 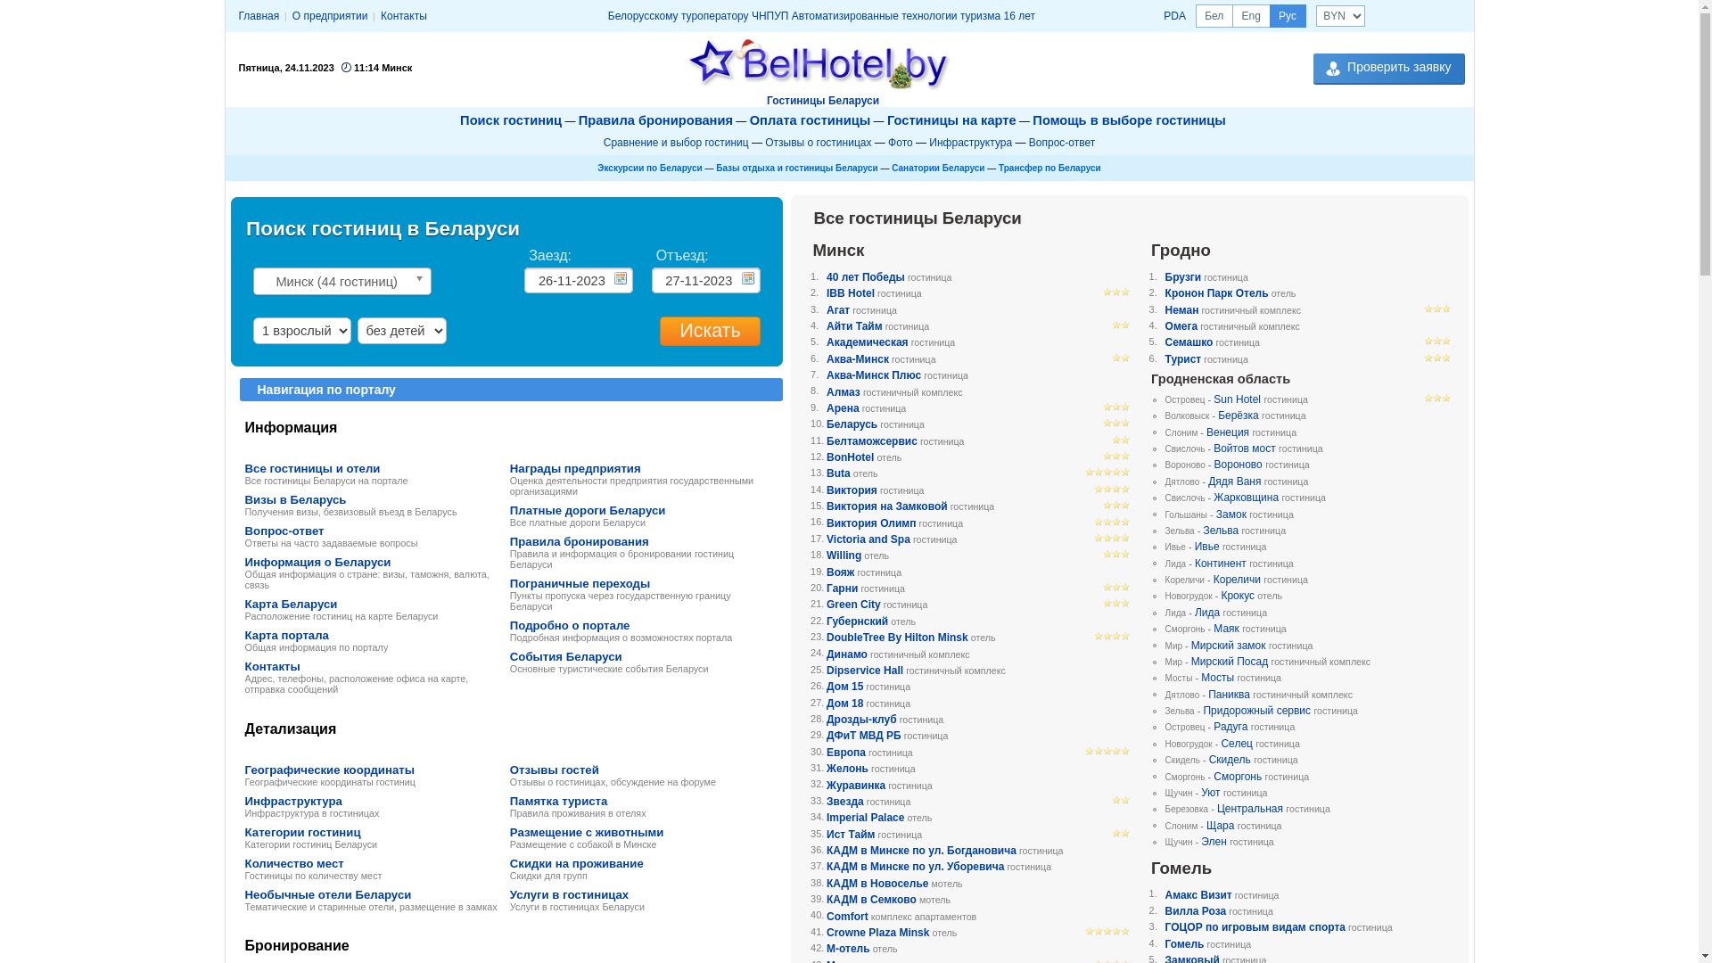 What do you see at coordinates (837, 473) in the screenshot?
I see `'Buta'` at bounding box center [837, 473].